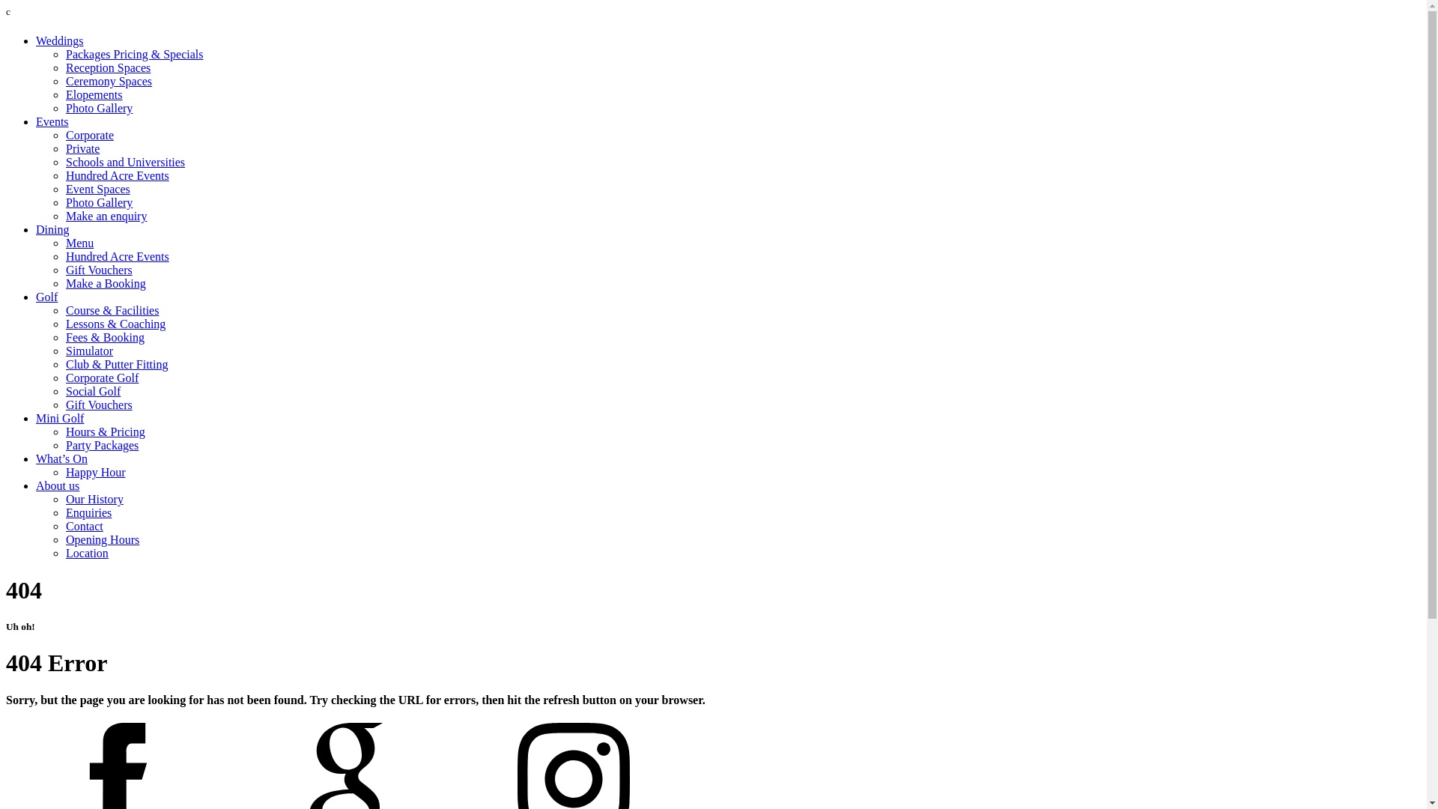 The width and height of the screenshot is (1438, 809). I want to click on 'Corporate Golf', so click(101, 377).